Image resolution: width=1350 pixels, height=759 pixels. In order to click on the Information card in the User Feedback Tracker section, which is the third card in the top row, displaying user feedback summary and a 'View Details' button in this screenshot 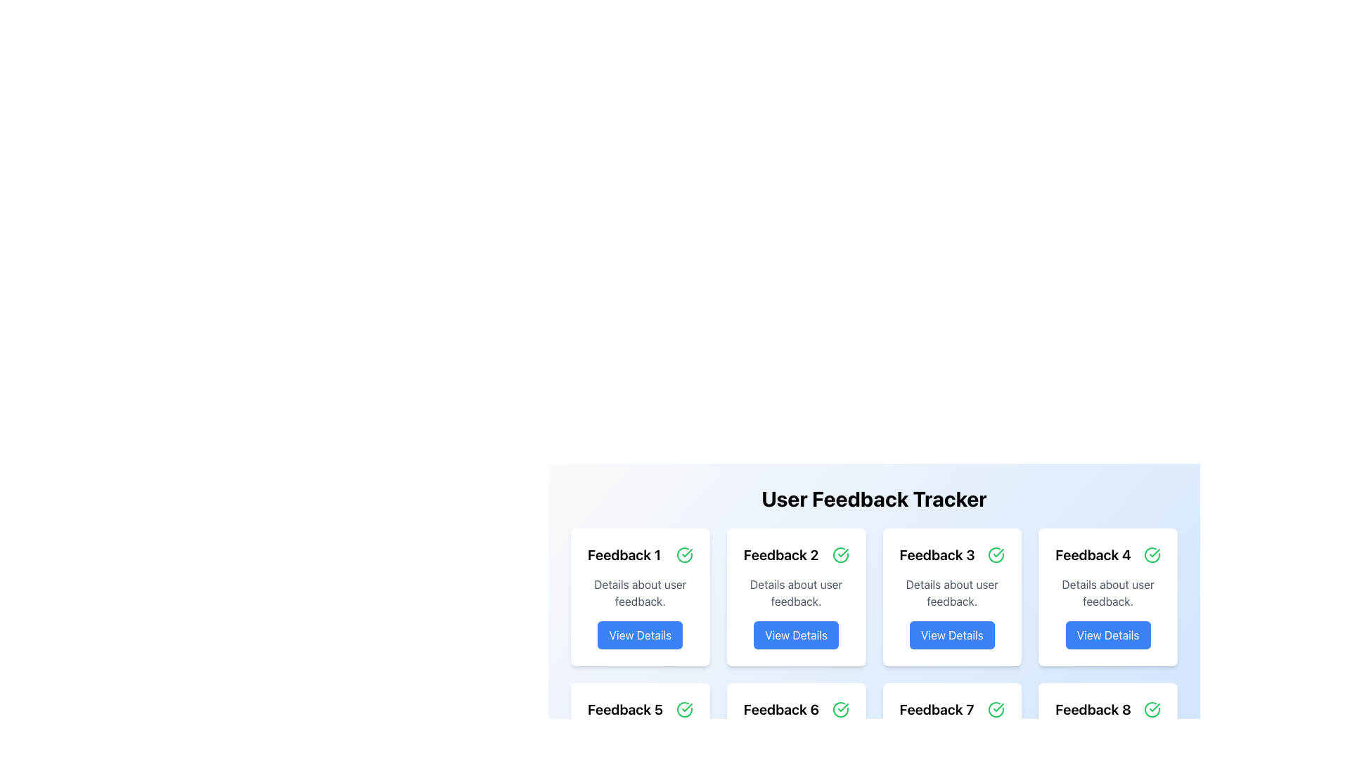, I will do `click(952, 597)`.